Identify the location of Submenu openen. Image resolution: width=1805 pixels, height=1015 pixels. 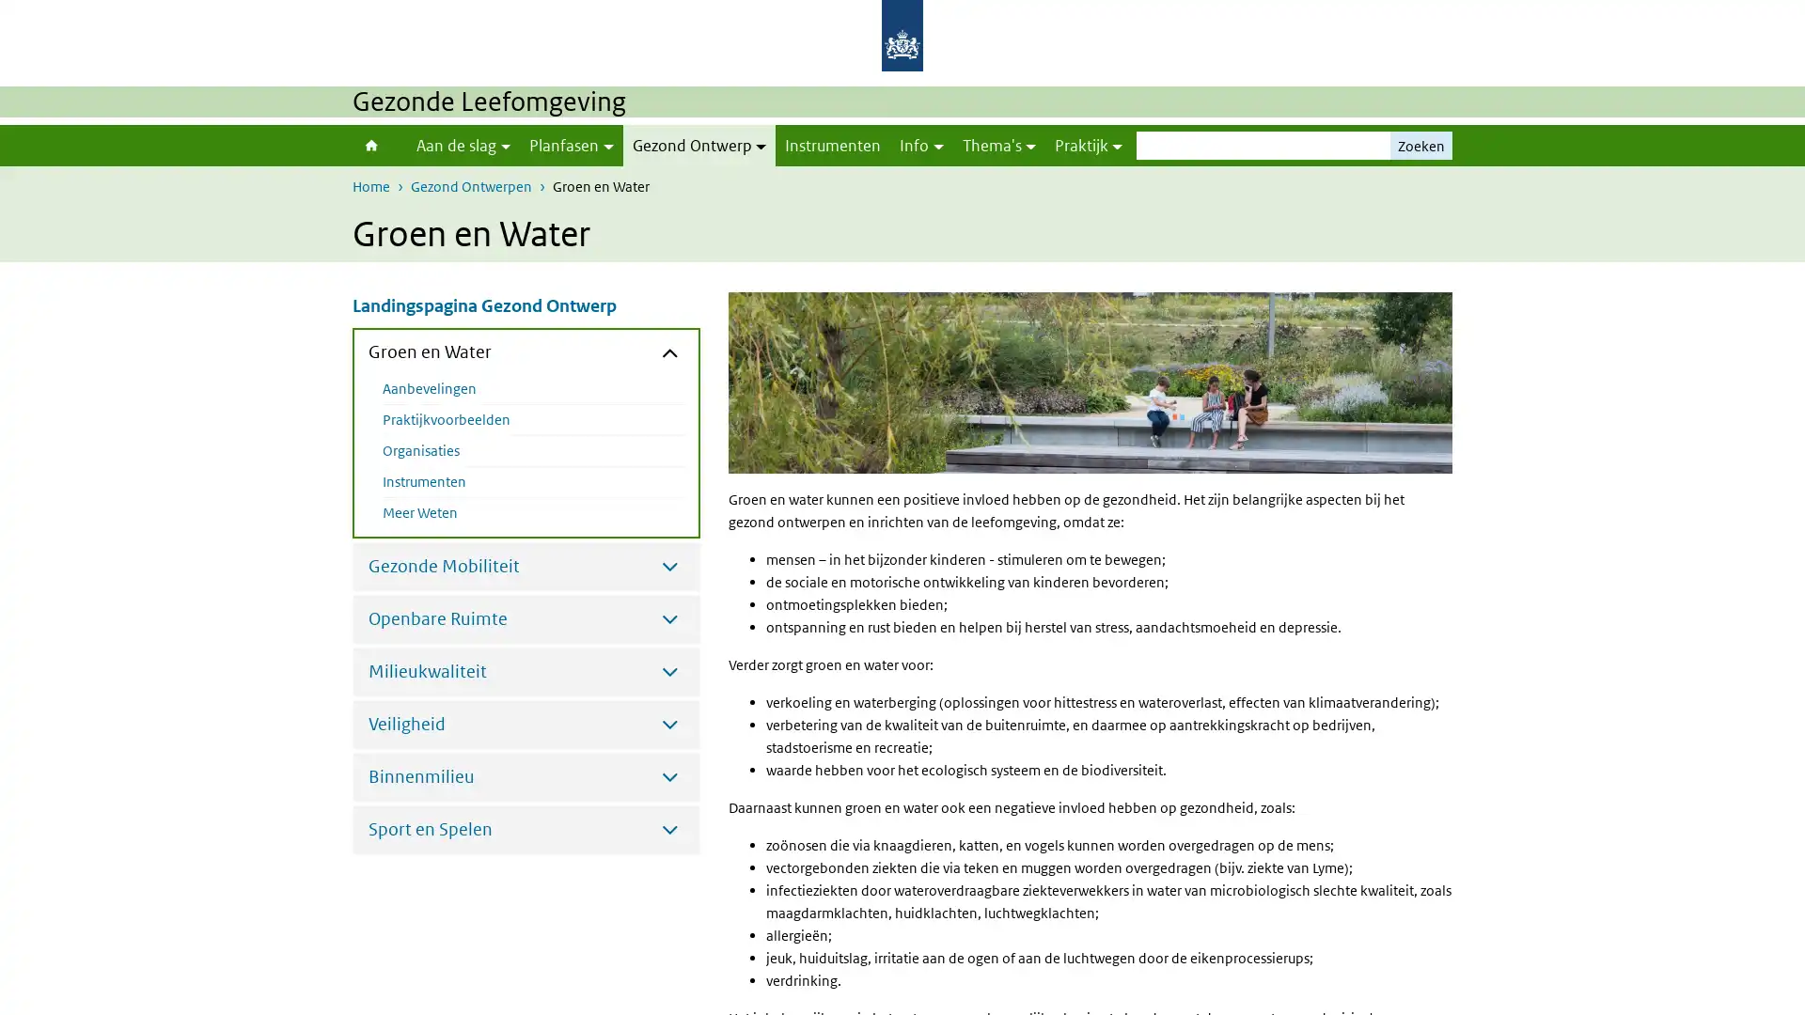
(670, 669).